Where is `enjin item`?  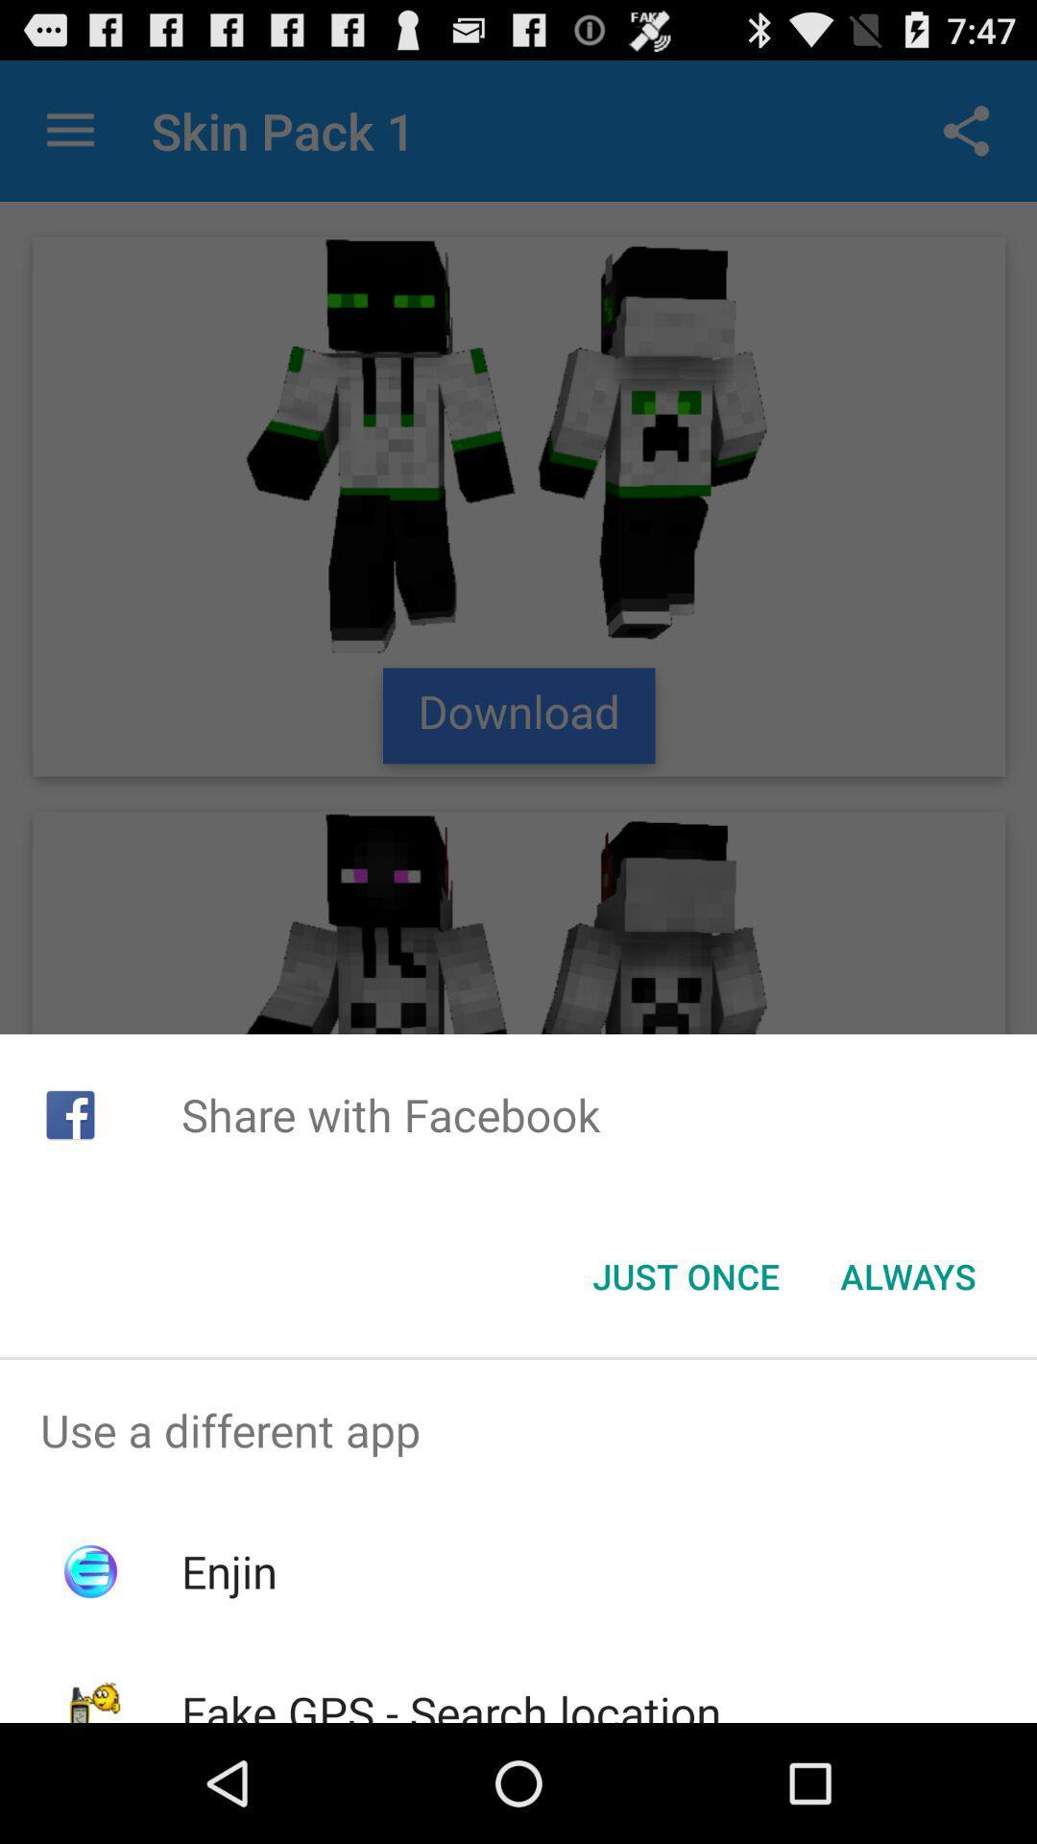 enjin item is located at coordinates (228, 1571).